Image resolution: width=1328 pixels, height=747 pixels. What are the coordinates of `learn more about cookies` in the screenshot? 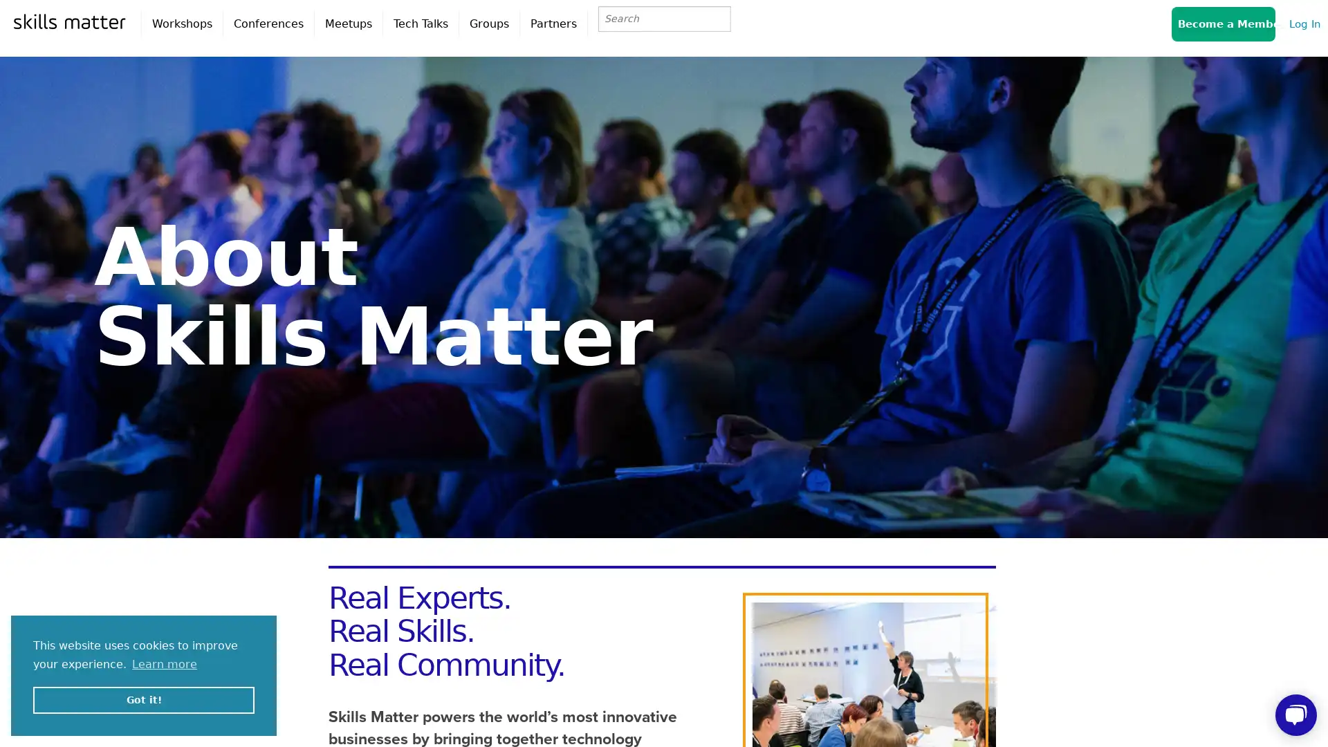 It's located at (165, 663).